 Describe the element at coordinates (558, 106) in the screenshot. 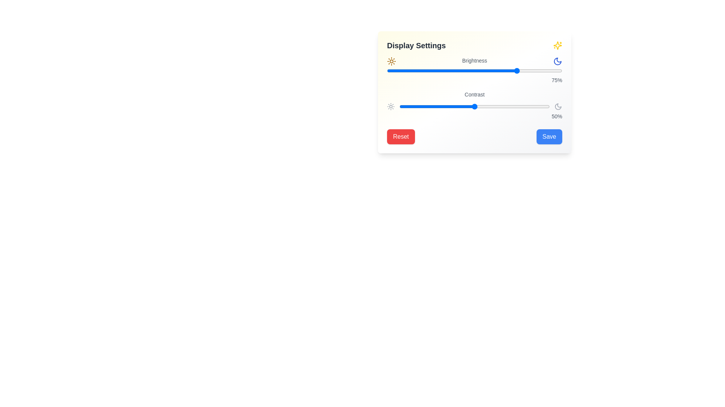

I see `the SVG icon representing the moon shape located in the upper-right corner of the 'Display Settings' card, next to the 'Brightness' slider and adjacent to the title '75%'` at that location.